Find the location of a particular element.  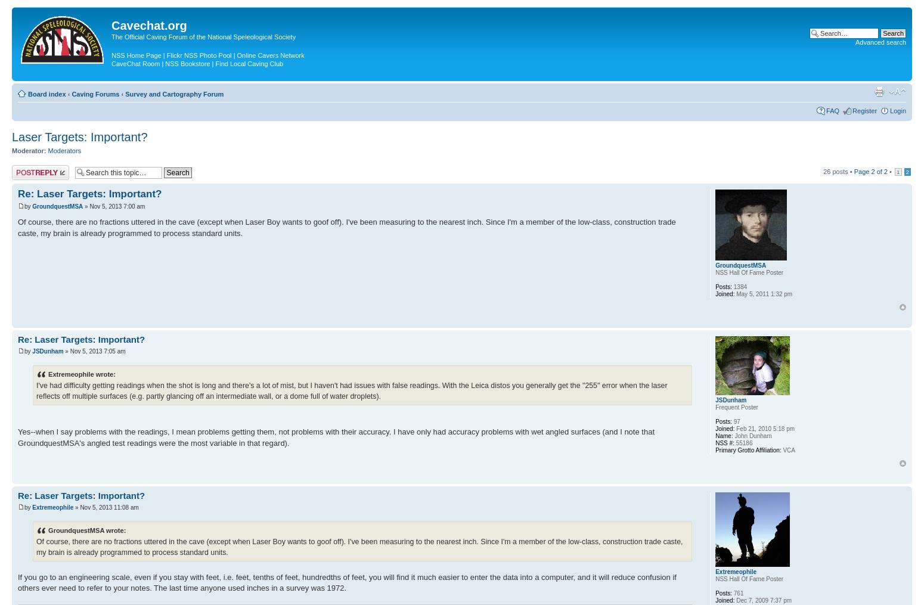

'97' is located at coordinates (736, 421).